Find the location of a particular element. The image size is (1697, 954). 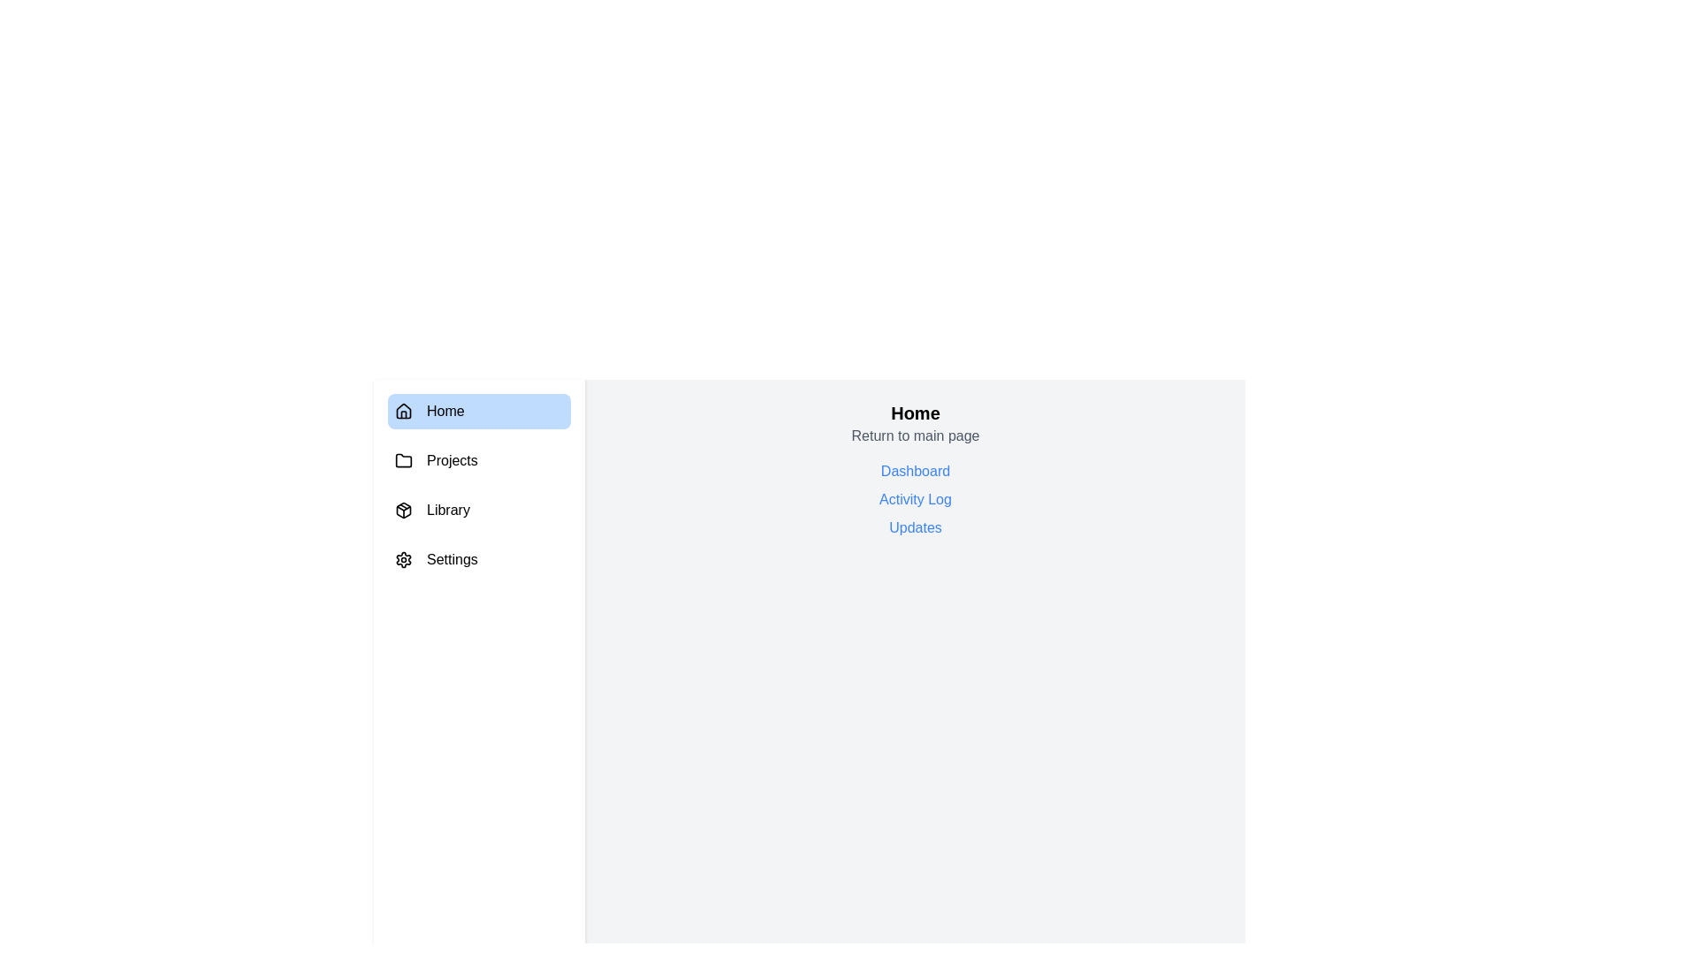

the 'Settings' text label in the vertical navigation menu, which is the fourth item and located to the right of the gear-shaped icon and below the 'Library' menu item is located at coordinates (452, 559).